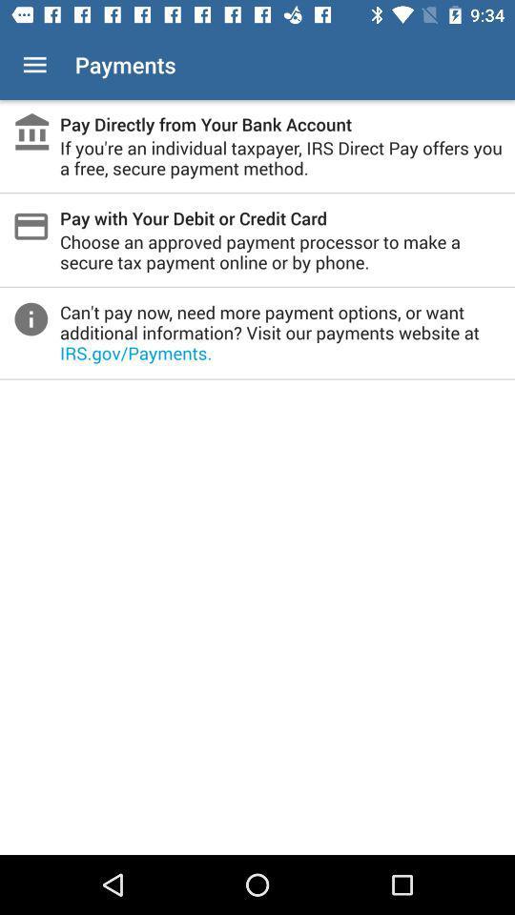 This screenshot has height=915, width=515. Describe the element at coordinates (34, 65) in the screenshot. I see `item next to the payments icon` at that location.